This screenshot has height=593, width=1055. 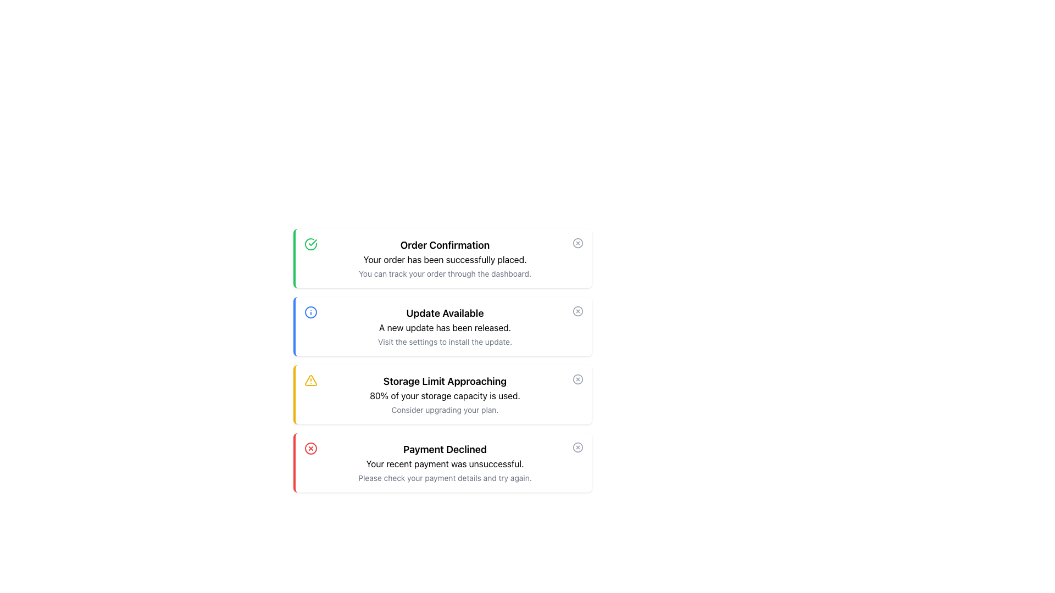 What do you see at coordinates (443, 360) in the screenshot?
I see `any interactive buttons or links within the 'Storage Limit Approaching' notification card, which is styled with a yellow vertical border and provides a warning about nearing storage capacity` at bounding box center [443, 360].